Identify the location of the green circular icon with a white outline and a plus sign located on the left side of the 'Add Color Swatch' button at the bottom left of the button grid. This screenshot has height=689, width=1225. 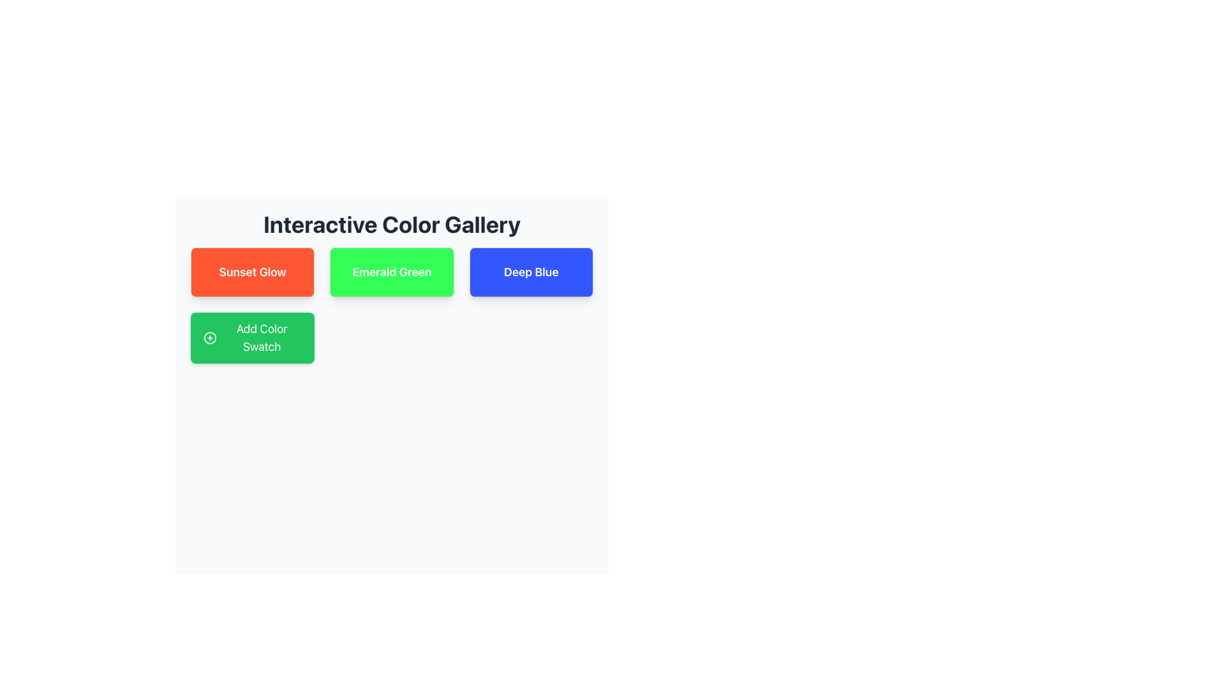
(210, 337).